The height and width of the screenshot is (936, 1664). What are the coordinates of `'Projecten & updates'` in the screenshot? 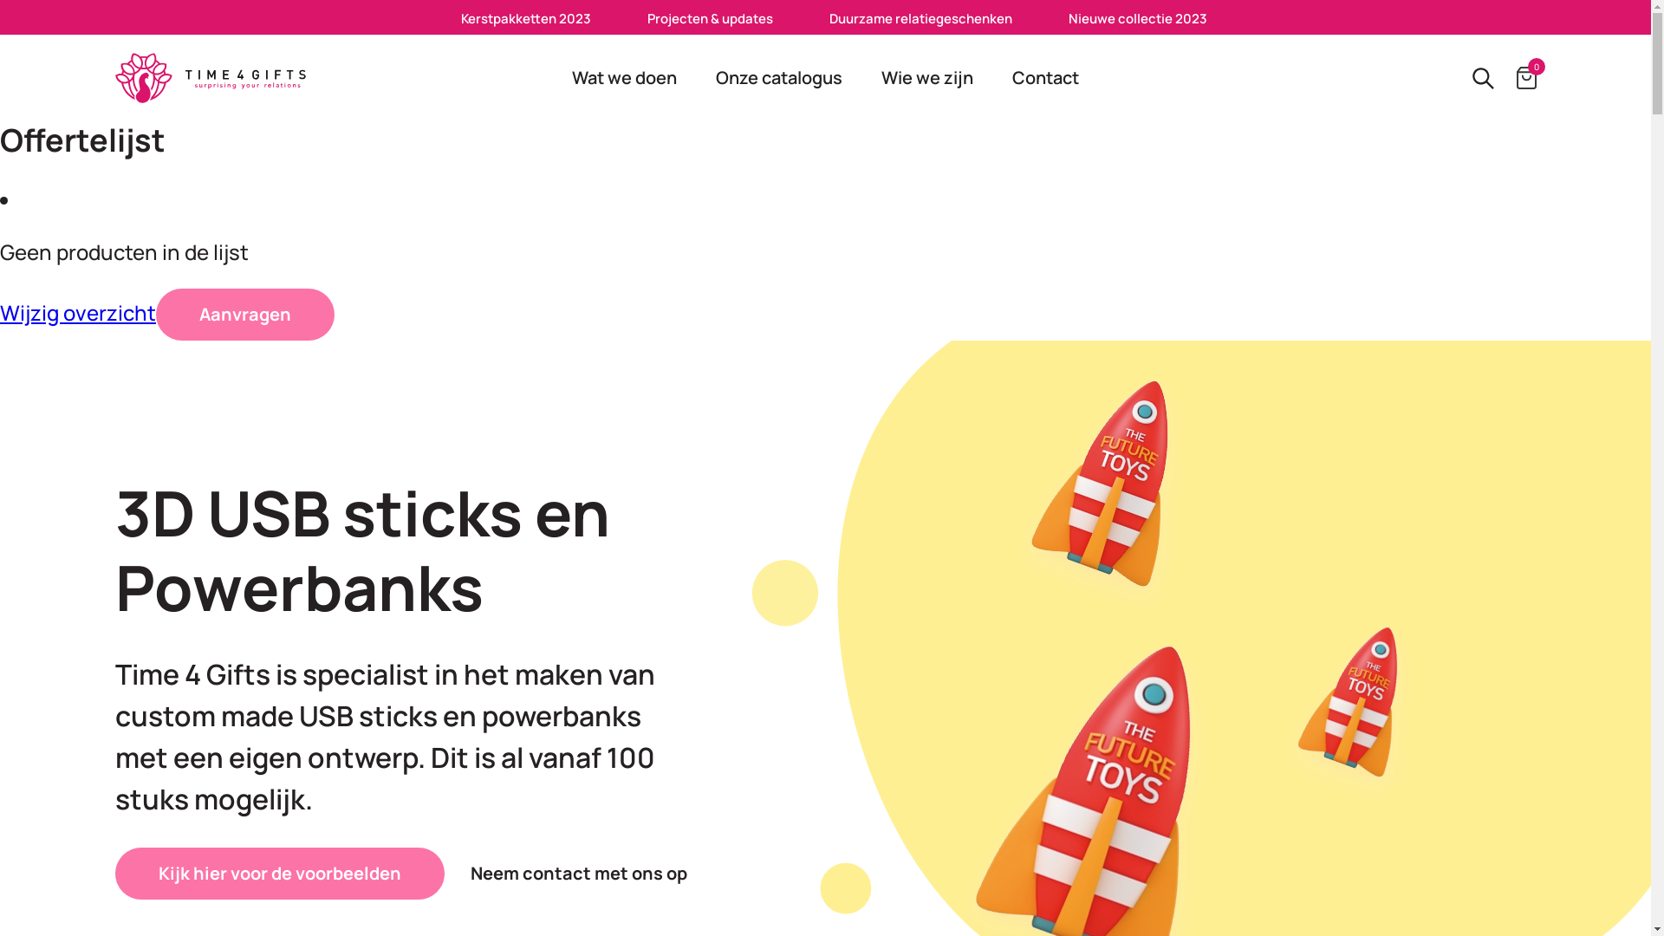 It's located at (710, 18).